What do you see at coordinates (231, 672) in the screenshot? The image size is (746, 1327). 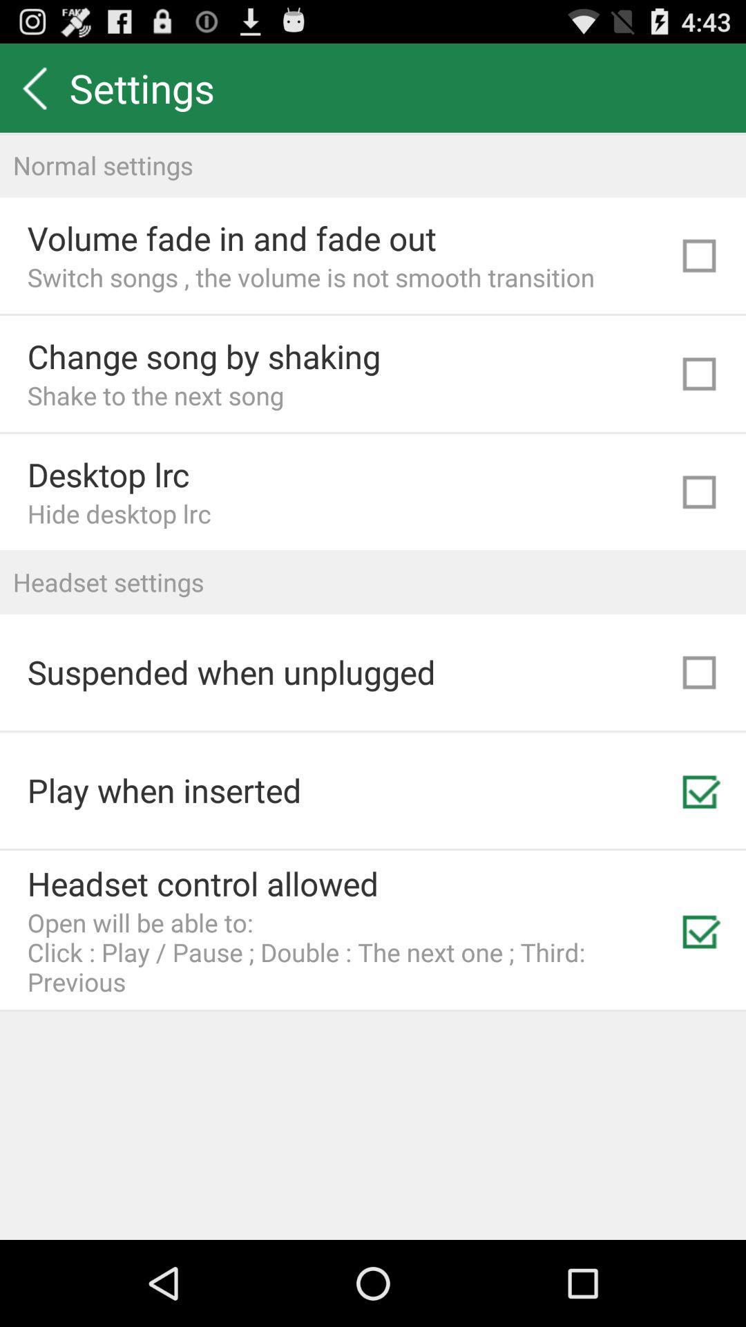 I see `item below headset settings icon` at bounding box center [231, 672].